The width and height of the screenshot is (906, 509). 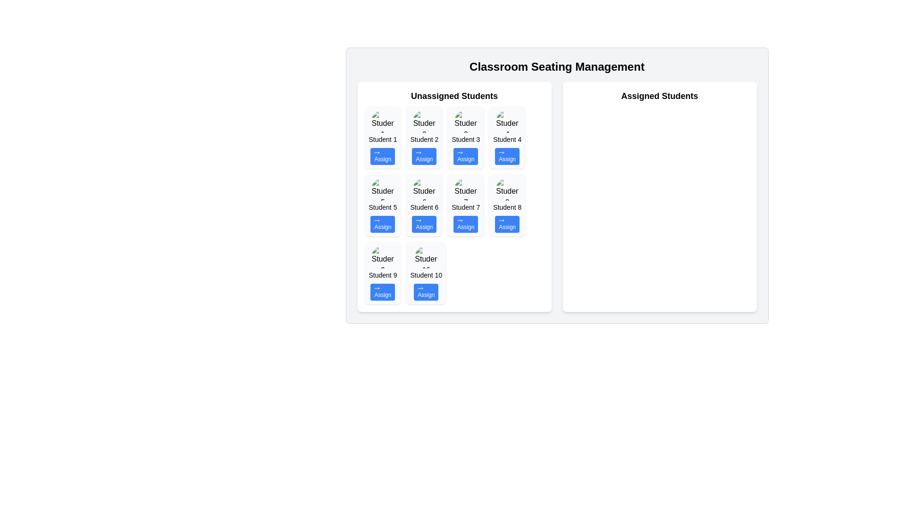 What do you see at coordinates (377, 152) in the screenshot?
I see `the forward action icon located to the left of the 'Assign' button at the bottom of the card for Student 1 in the 'Unassigned Students' panel` at bounding box center [377, 152].